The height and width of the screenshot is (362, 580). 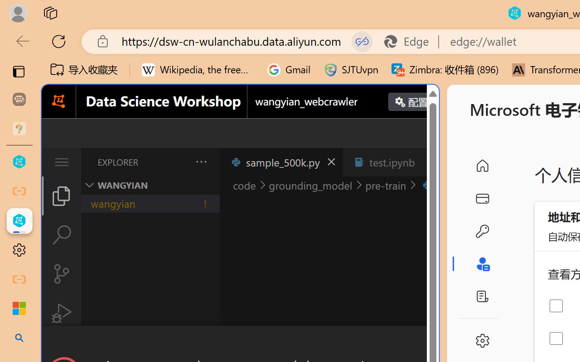 I want to click on 'Views and More Actions...', so click(x=200, y=162).